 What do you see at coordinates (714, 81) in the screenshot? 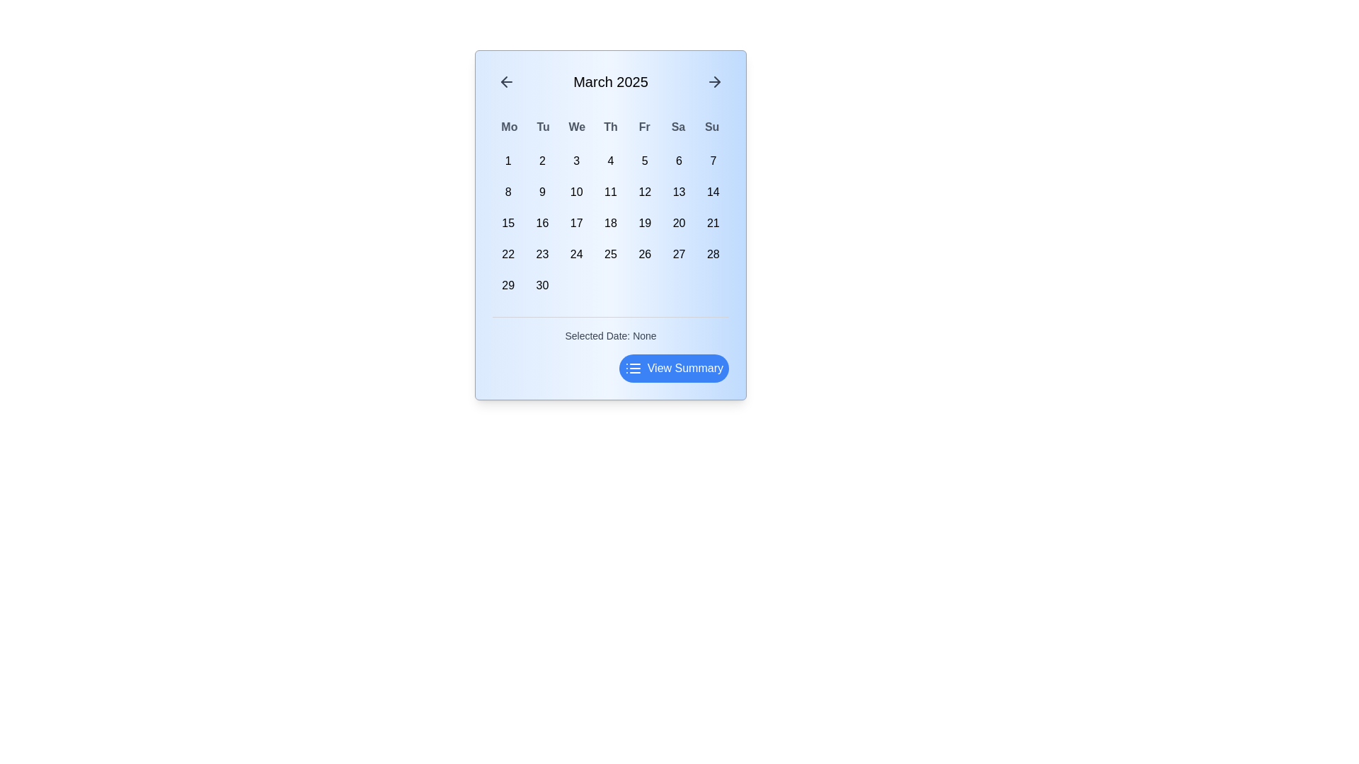
I see `the icon-based button located at the upper-right corner of the card interface` at bounding box center [714, 81].